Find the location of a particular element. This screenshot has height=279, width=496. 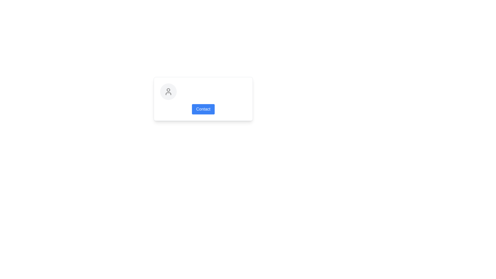

the circular representation of the head within the user icon, which is part of the user profile image in the SVG element is located at coordinates (168, 89).